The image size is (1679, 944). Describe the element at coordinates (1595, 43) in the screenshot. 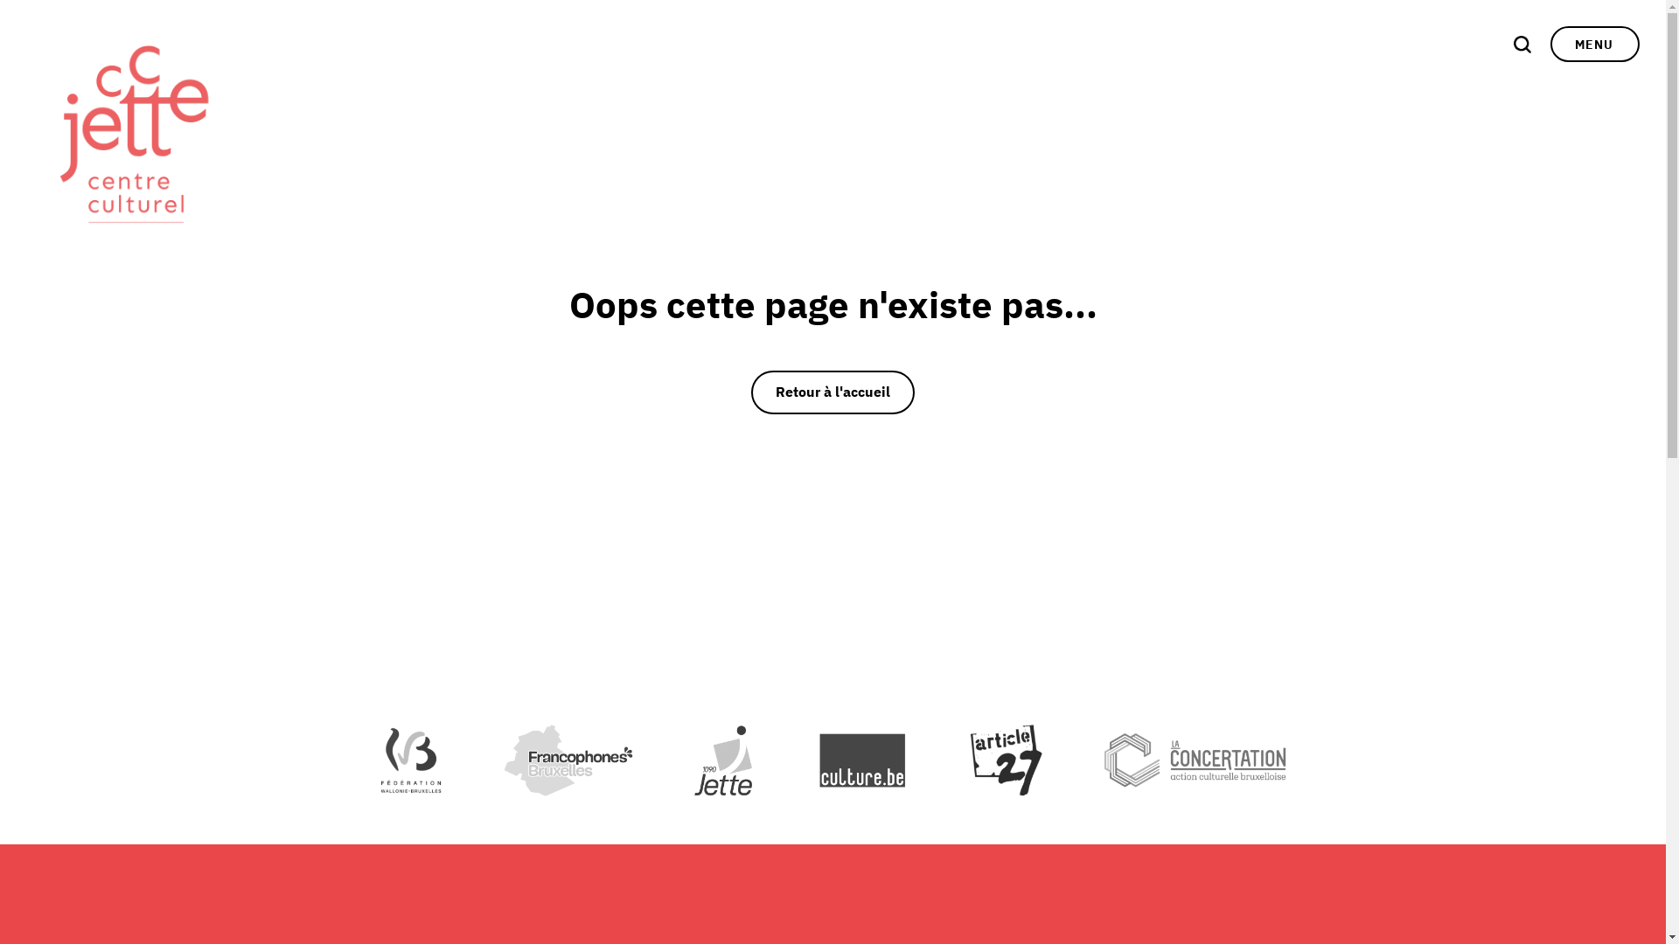

I see `'MENU'` at that location.